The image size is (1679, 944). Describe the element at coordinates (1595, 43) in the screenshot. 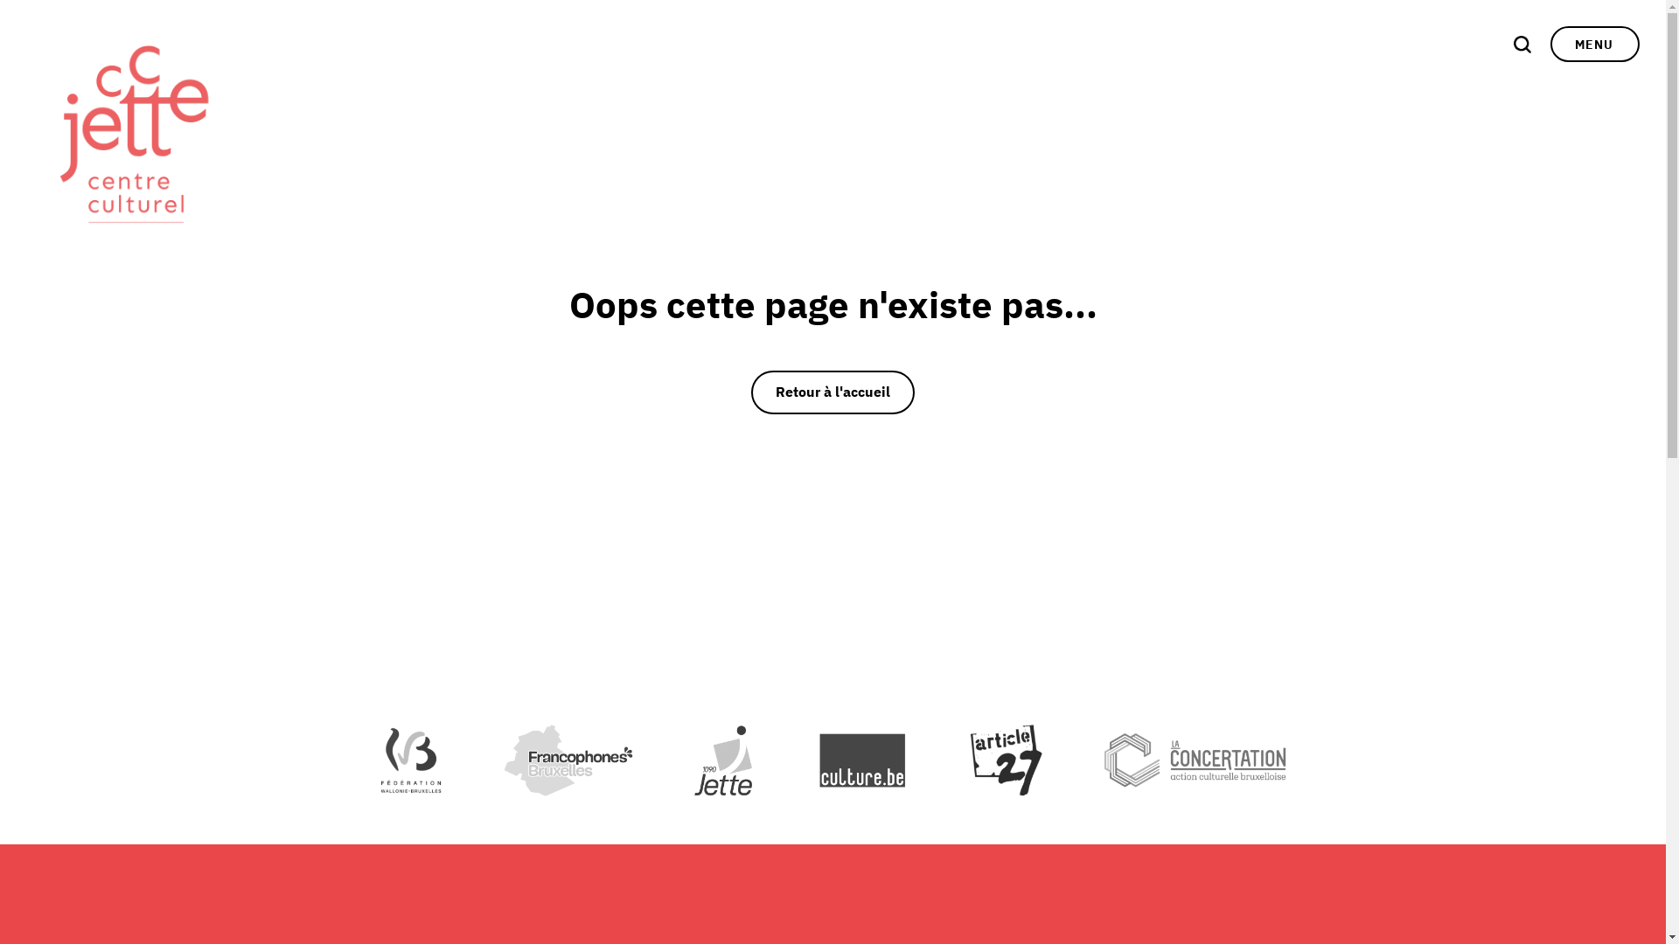

I see `'MENU'` at that location.